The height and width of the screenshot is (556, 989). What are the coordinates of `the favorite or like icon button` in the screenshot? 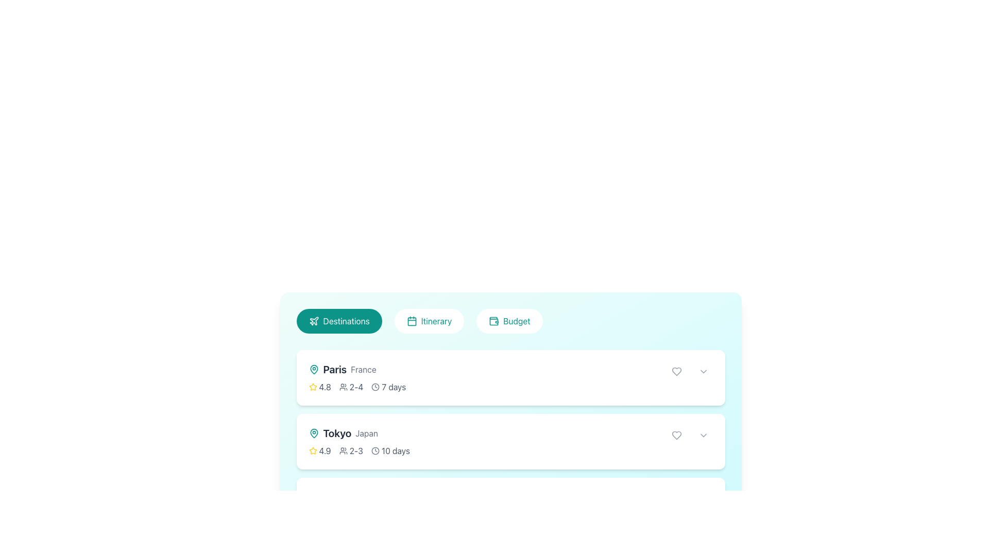 It's located at (676, 371).